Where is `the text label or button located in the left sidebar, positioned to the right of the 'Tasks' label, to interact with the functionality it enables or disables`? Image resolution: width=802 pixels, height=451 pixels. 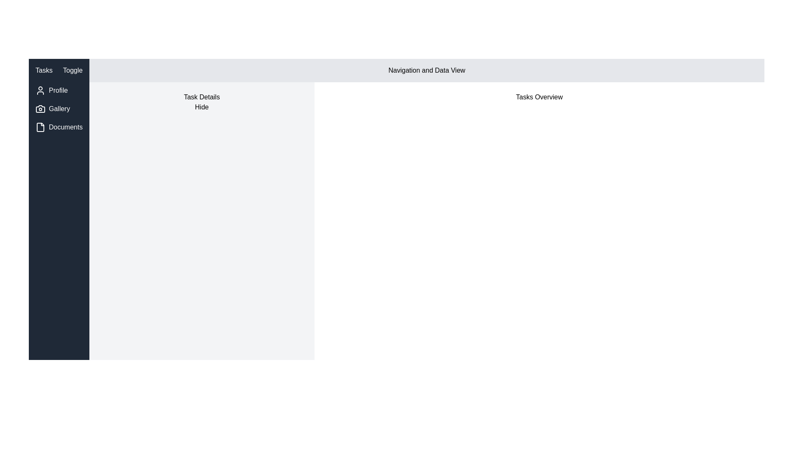
the text label or button located in the left sidebar, positioned to the right of the 'Tasks' label, to interact with the functionality it enables or disables is located at coordinates (73, 70).